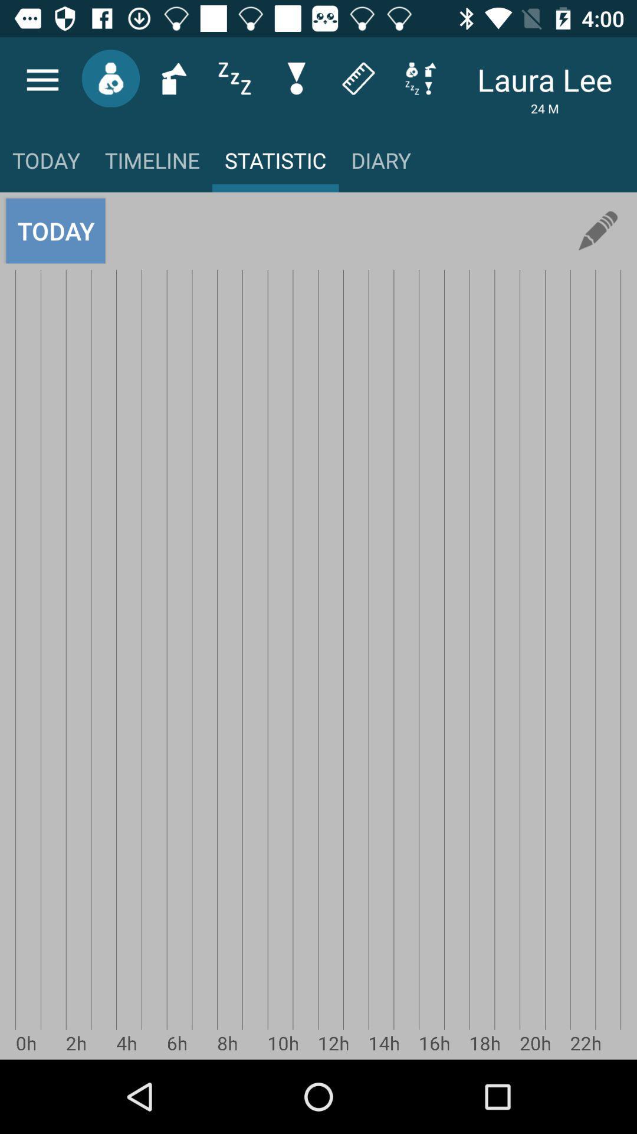  What do you see at coordinates (598, 231) in the screenshot?
I see `icon next to diary` at bounding box center [598, 231].